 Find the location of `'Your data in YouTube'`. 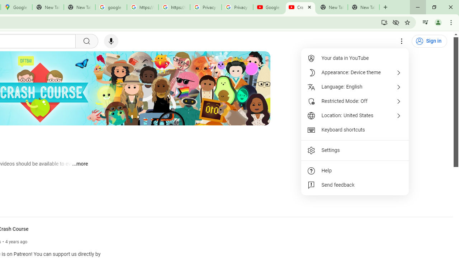

'Your data in YouTube' is located at coordinates (355, 58).